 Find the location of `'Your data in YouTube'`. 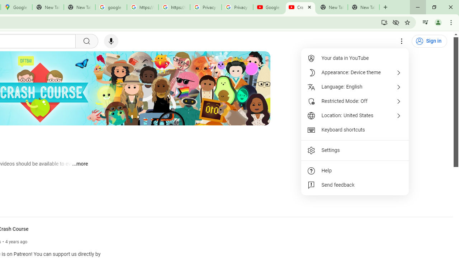

'Your data in YouTube' is located at coordinates (355, 58).